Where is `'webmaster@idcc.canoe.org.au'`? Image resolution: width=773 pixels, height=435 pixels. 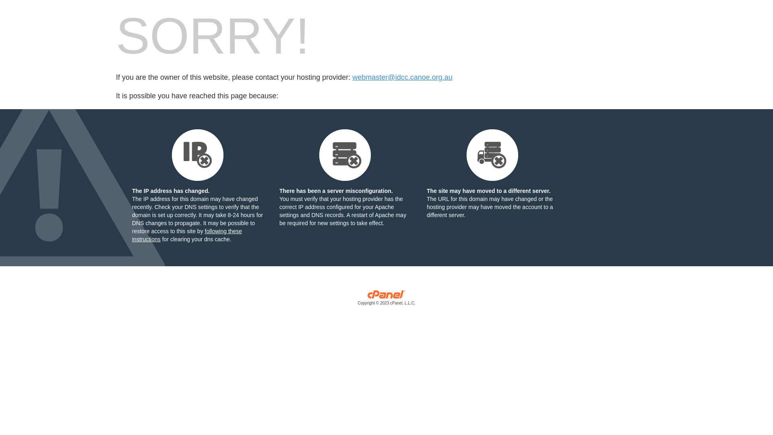
'webmaster@idcc.canoe.org.au' is located at coordinates (402, 77).